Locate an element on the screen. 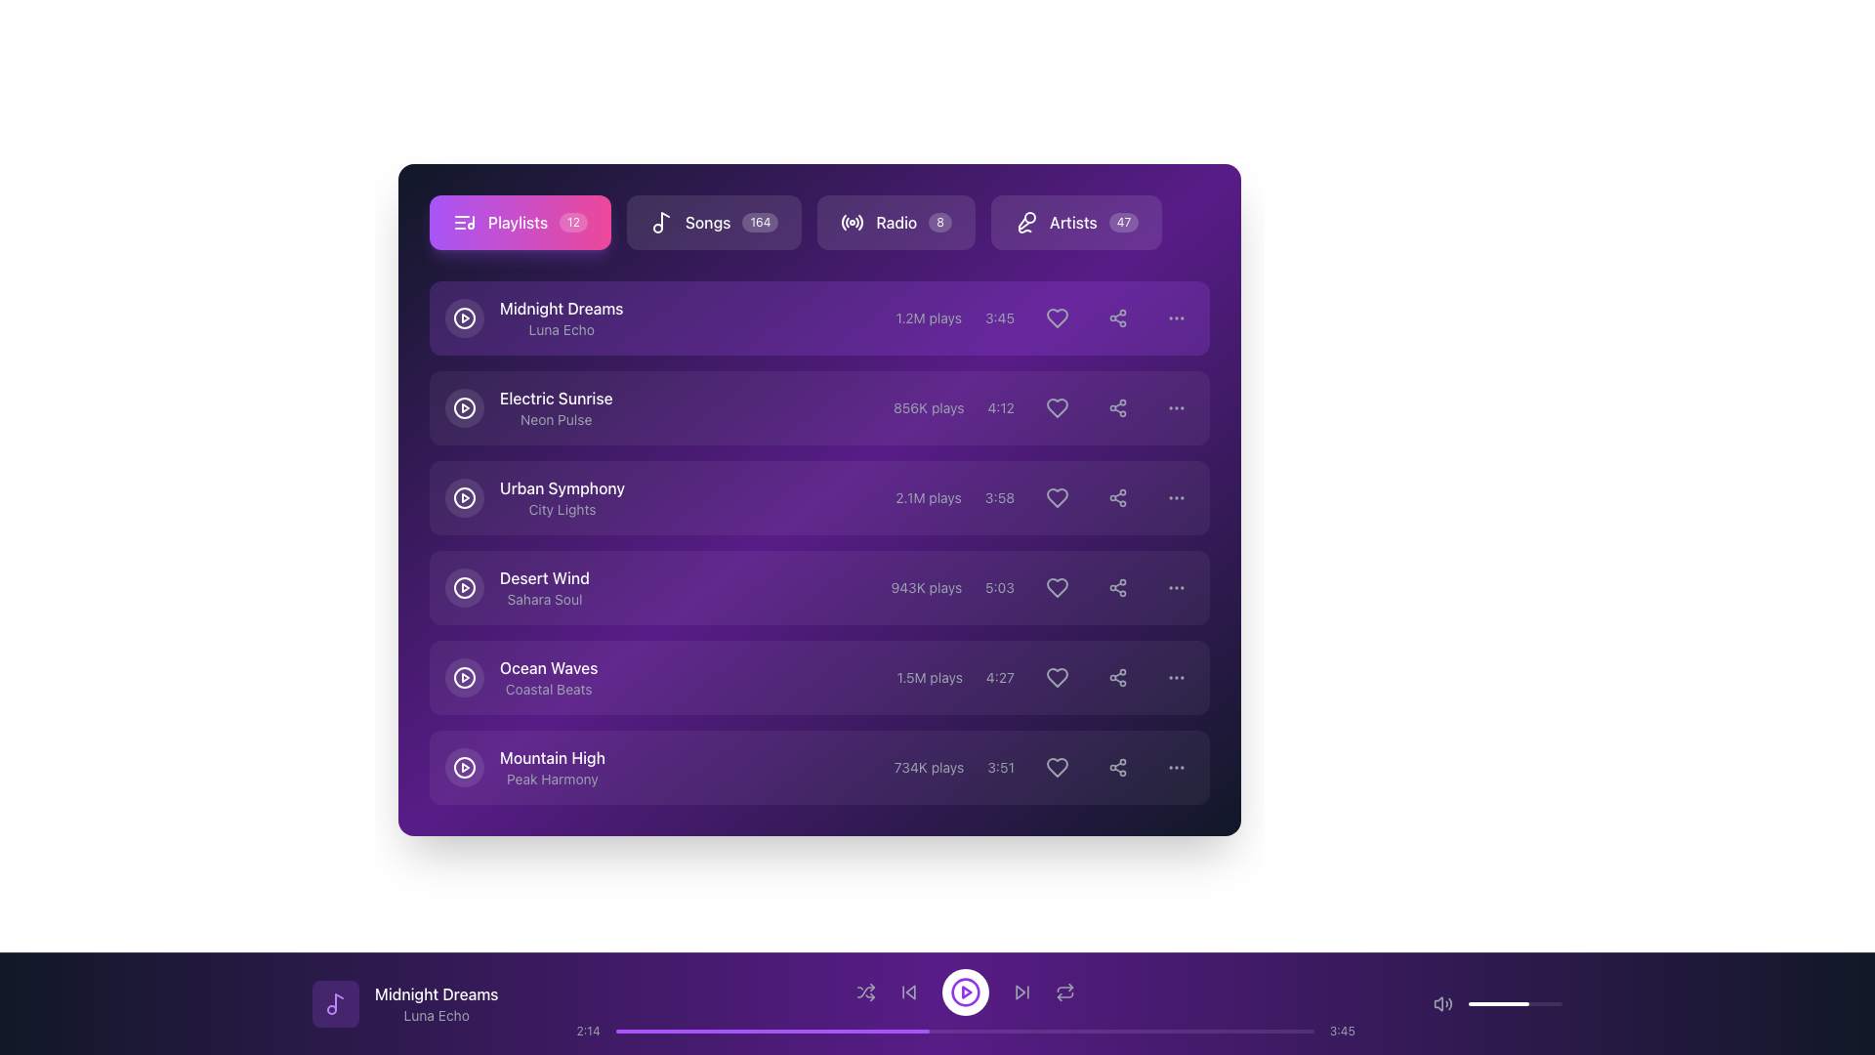 Image resolution: width=1875 pixels, height=1055 pixels. the fifth button in the horizontal layout of media playback controls at the bottom of the application interface is located at coordinates (1064, 992).